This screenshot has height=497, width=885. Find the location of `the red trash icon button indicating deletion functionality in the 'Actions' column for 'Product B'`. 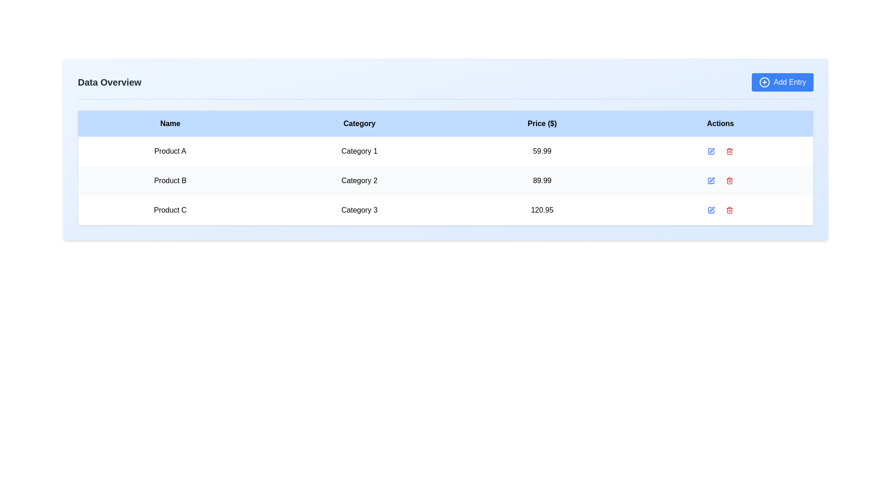

the red trash icon button indicating deletion functionality in the 'Actions' column for 'Product B' is located at coordinates (729, 150).